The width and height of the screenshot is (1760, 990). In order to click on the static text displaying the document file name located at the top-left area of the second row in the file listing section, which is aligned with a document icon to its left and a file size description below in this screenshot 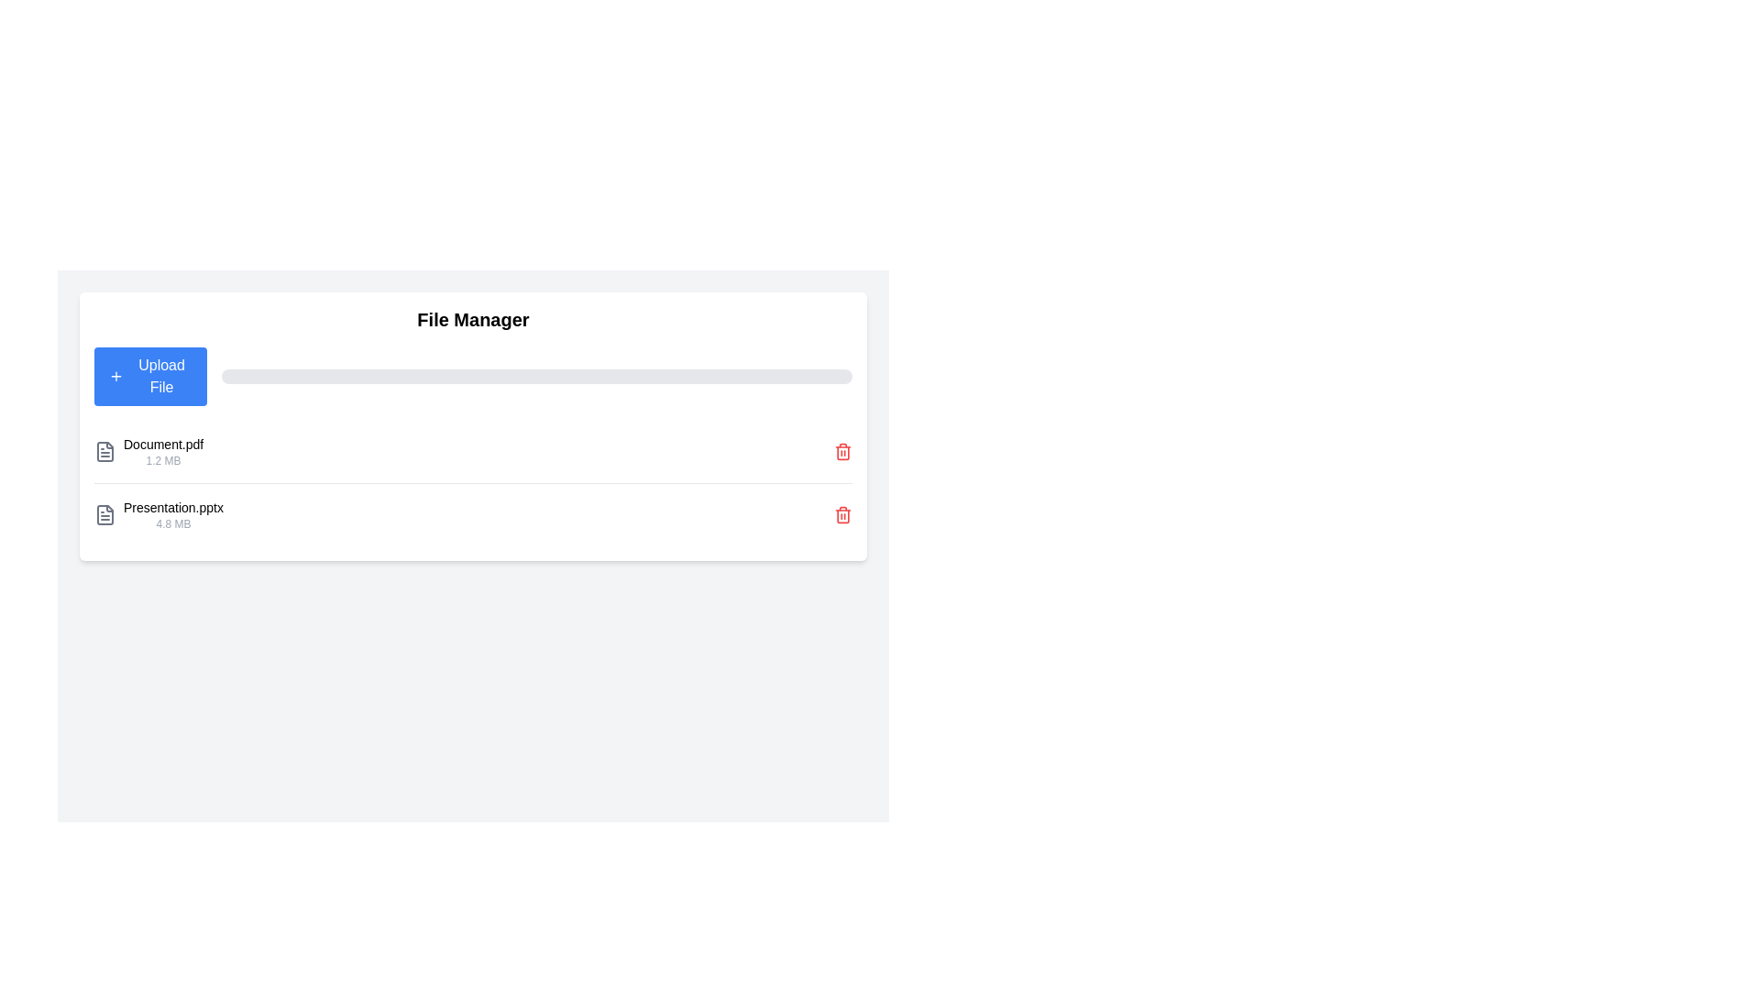, I will do `click(163, 445)`.